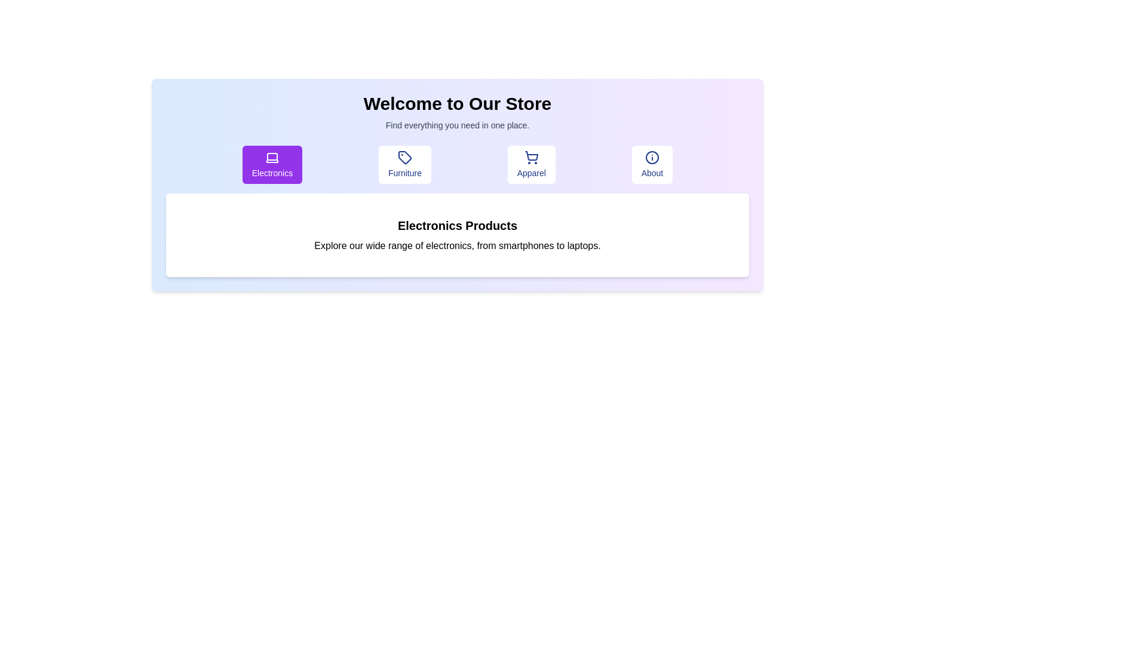 The image size is (1147, 645). Describe the element at coordinates (404, 156) in the screenshot. I see `the tag icon located in the top-center portion of the 'Furniture' button, above the text label 'Furniture'` at that location.